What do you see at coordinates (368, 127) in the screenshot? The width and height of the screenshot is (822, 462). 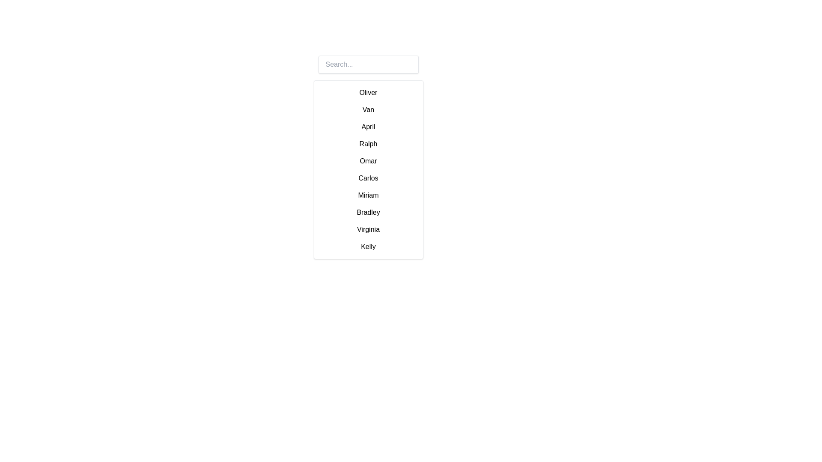 I see `the third item in the dropdown list, located between 'Van' and 'Ralph'` at bounding box center [368, 127].